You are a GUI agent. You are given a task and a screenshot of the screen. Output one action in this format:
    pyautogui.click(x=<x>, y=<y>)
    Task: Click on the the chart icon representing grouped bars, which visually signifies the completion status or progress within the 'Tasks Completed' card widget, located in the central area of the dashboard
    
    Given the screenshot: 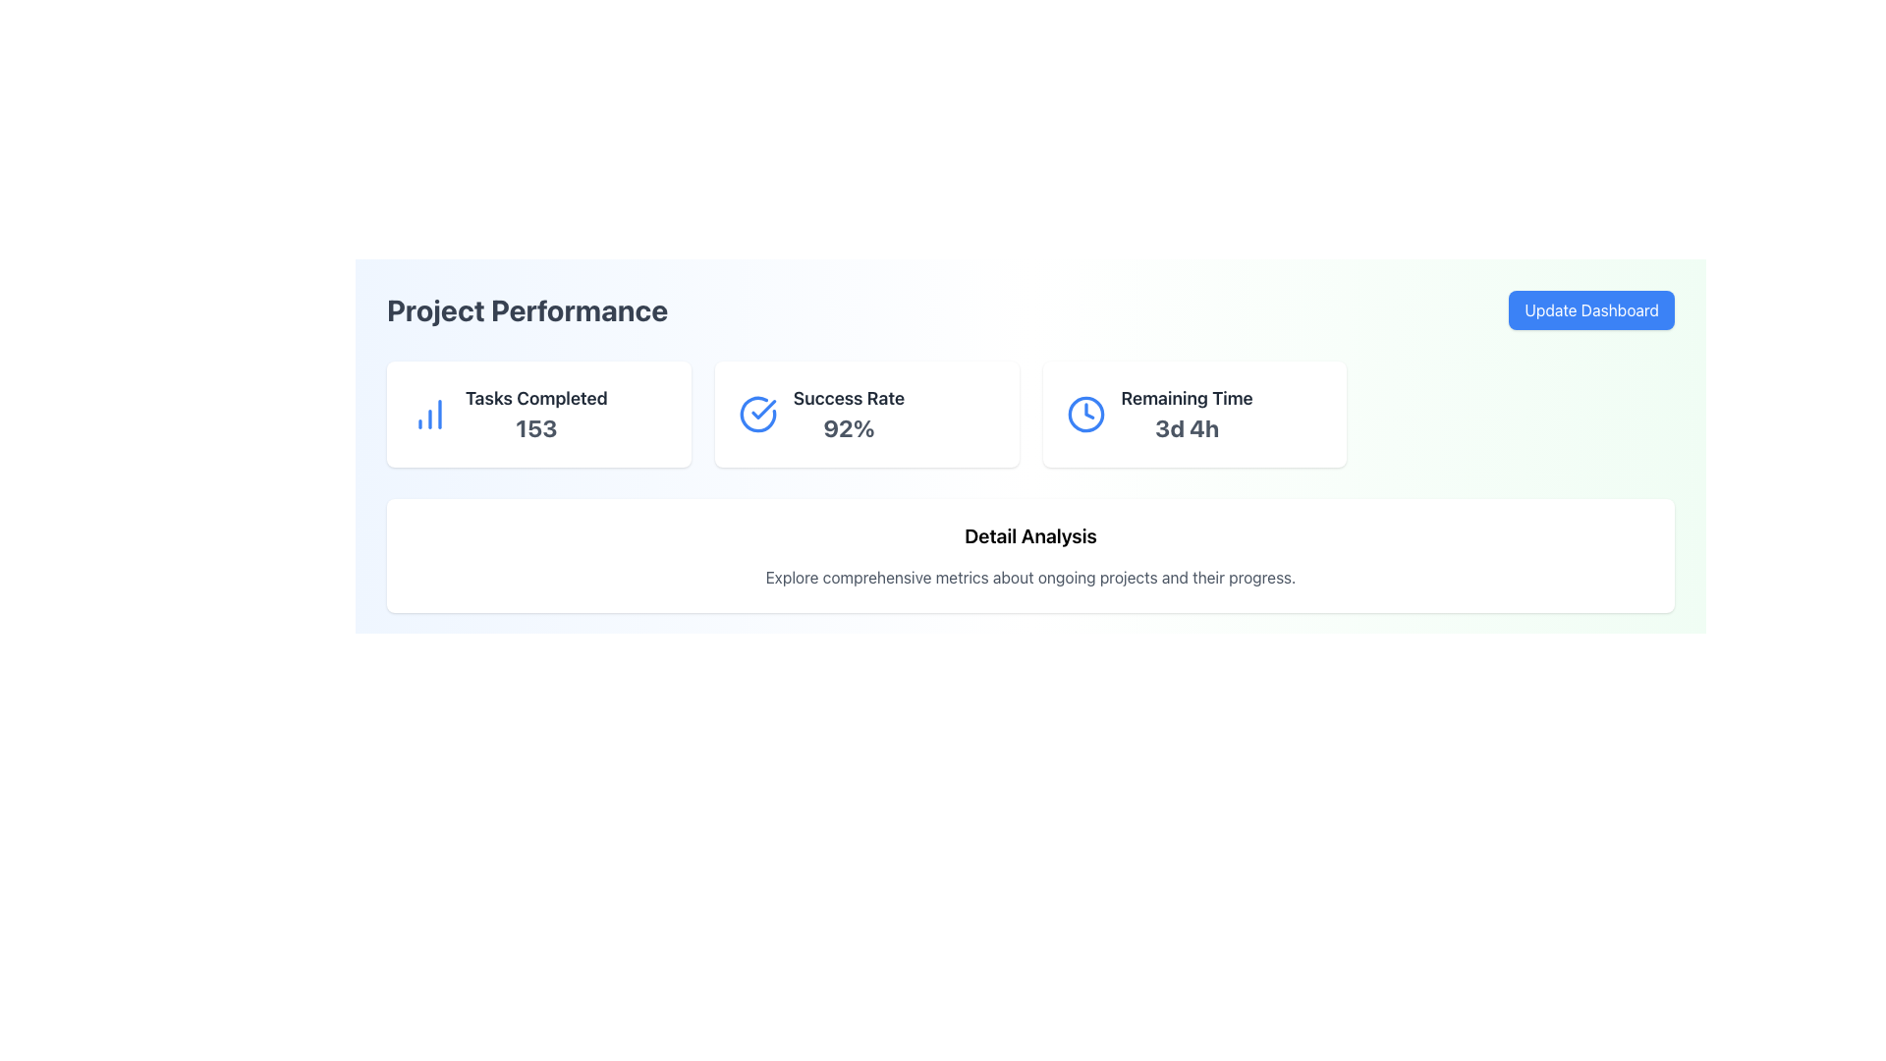 What is the action you would take?
    pyautogui.click(x=428, y=413)
    